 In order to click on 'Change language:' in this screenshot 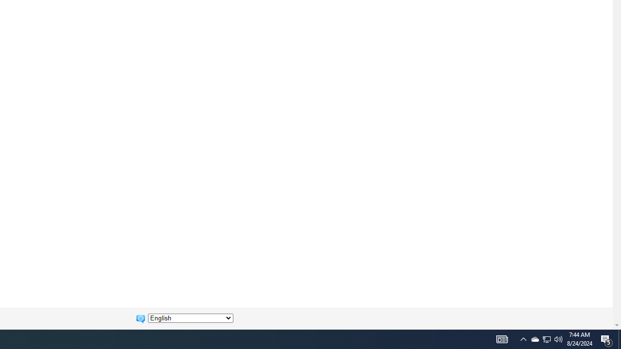, I will do `click(190, 318)`.